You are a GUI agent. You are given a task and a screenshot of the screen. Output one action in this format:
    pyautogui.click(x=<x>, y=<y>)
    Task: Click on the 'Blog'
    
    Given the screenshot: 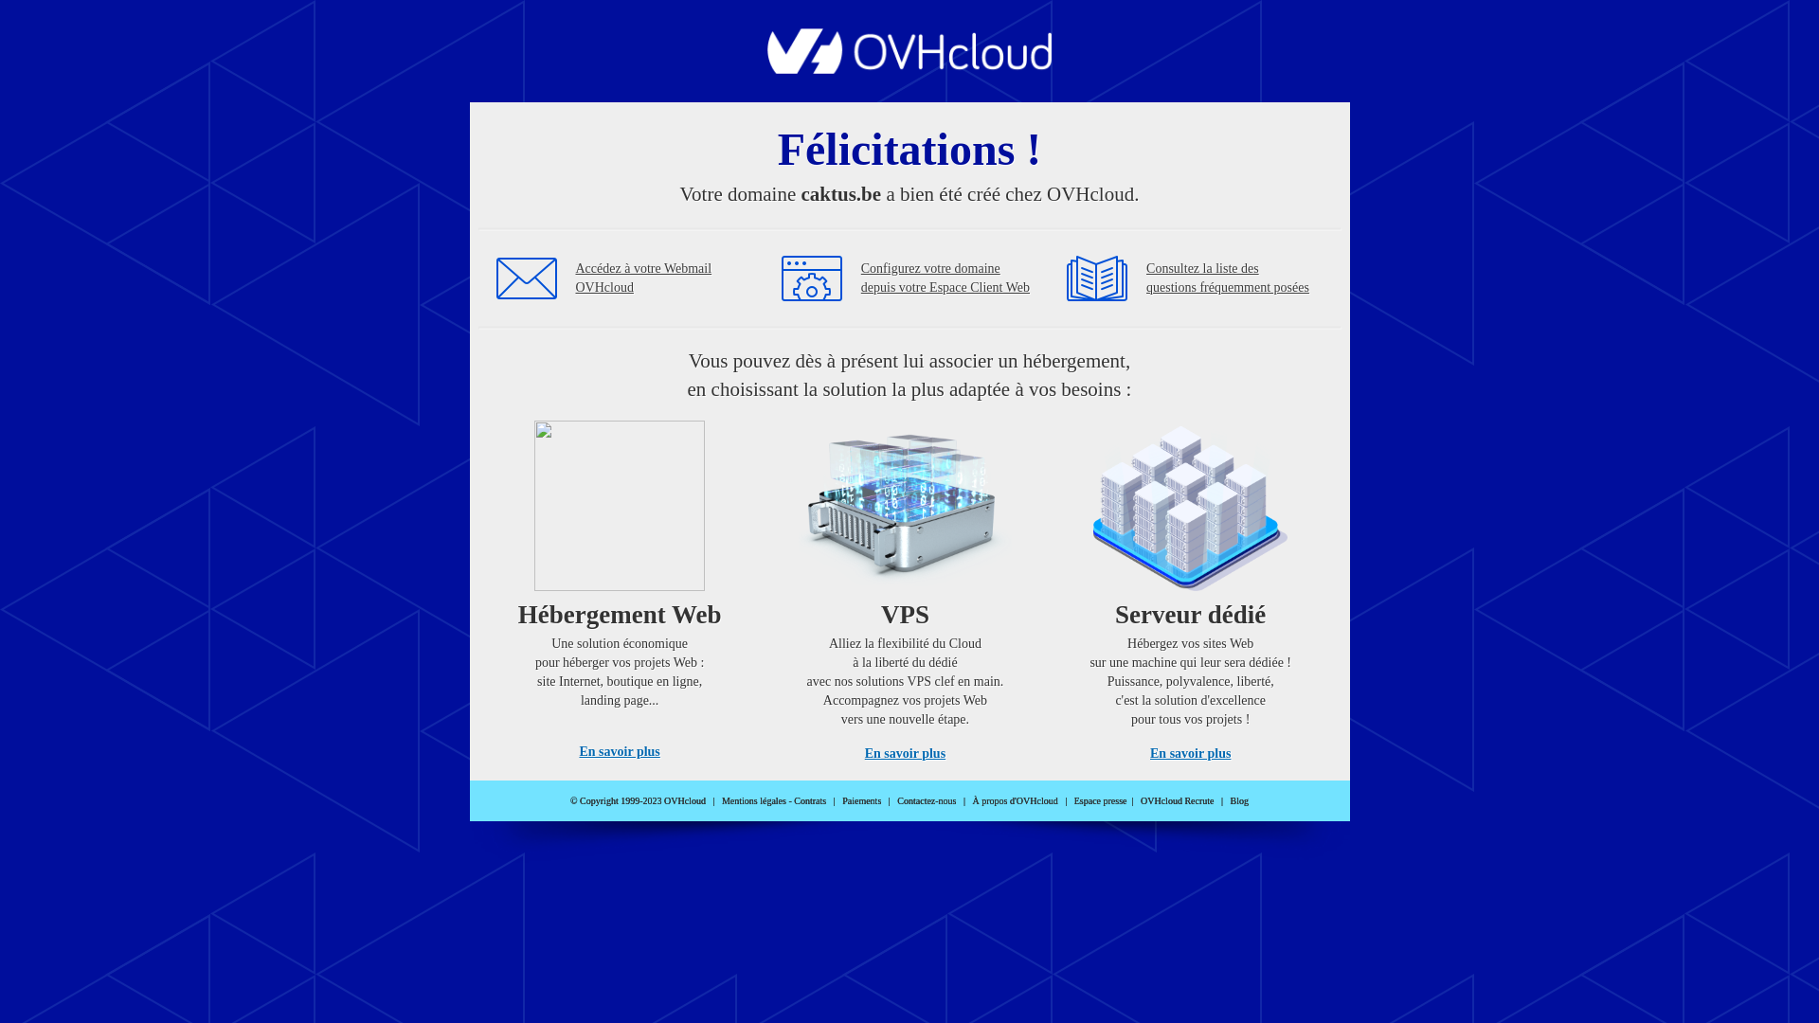 What is the action you would take?
    pyautogui.click(x=1239, y=800)
    